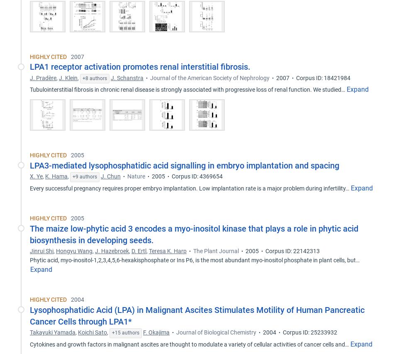 The height and width of the screenshot is (354, 394). I want to click on 'X. Ye', so click(36, 176).